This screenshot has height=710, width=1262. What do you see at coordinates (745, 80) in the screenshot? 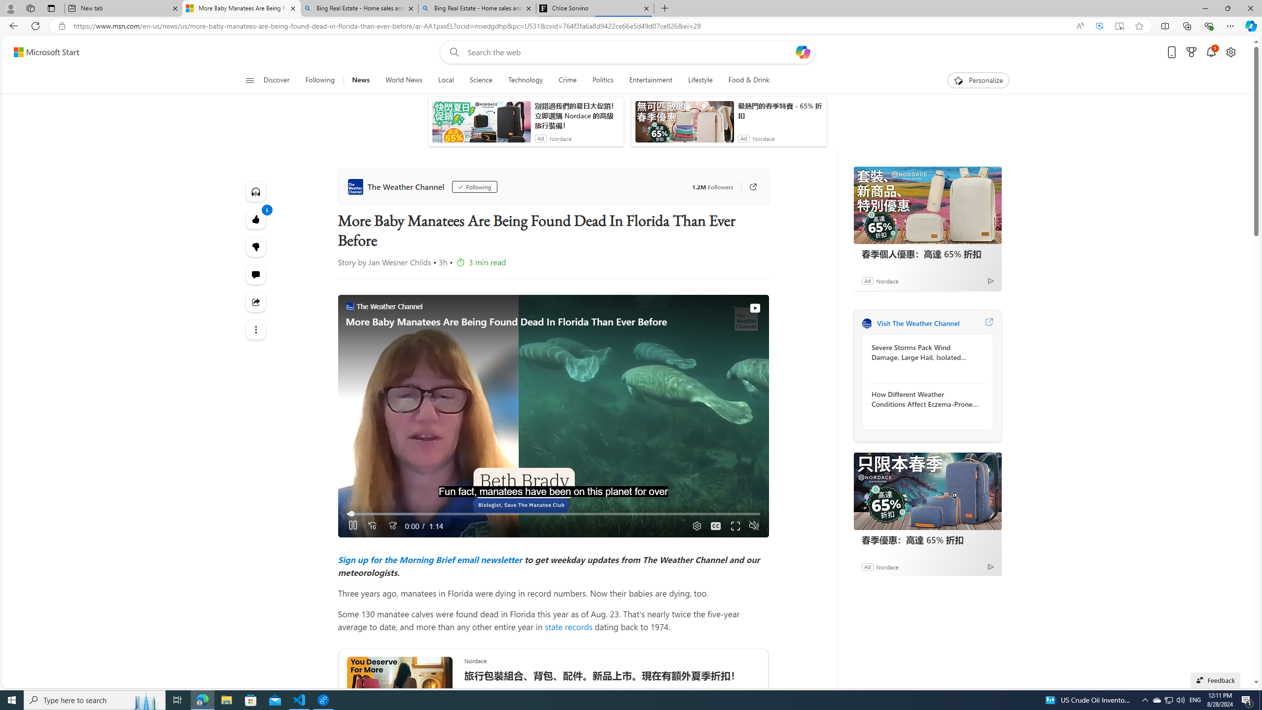
I see `'Food & Drink'` at bounding box center [745, 80].